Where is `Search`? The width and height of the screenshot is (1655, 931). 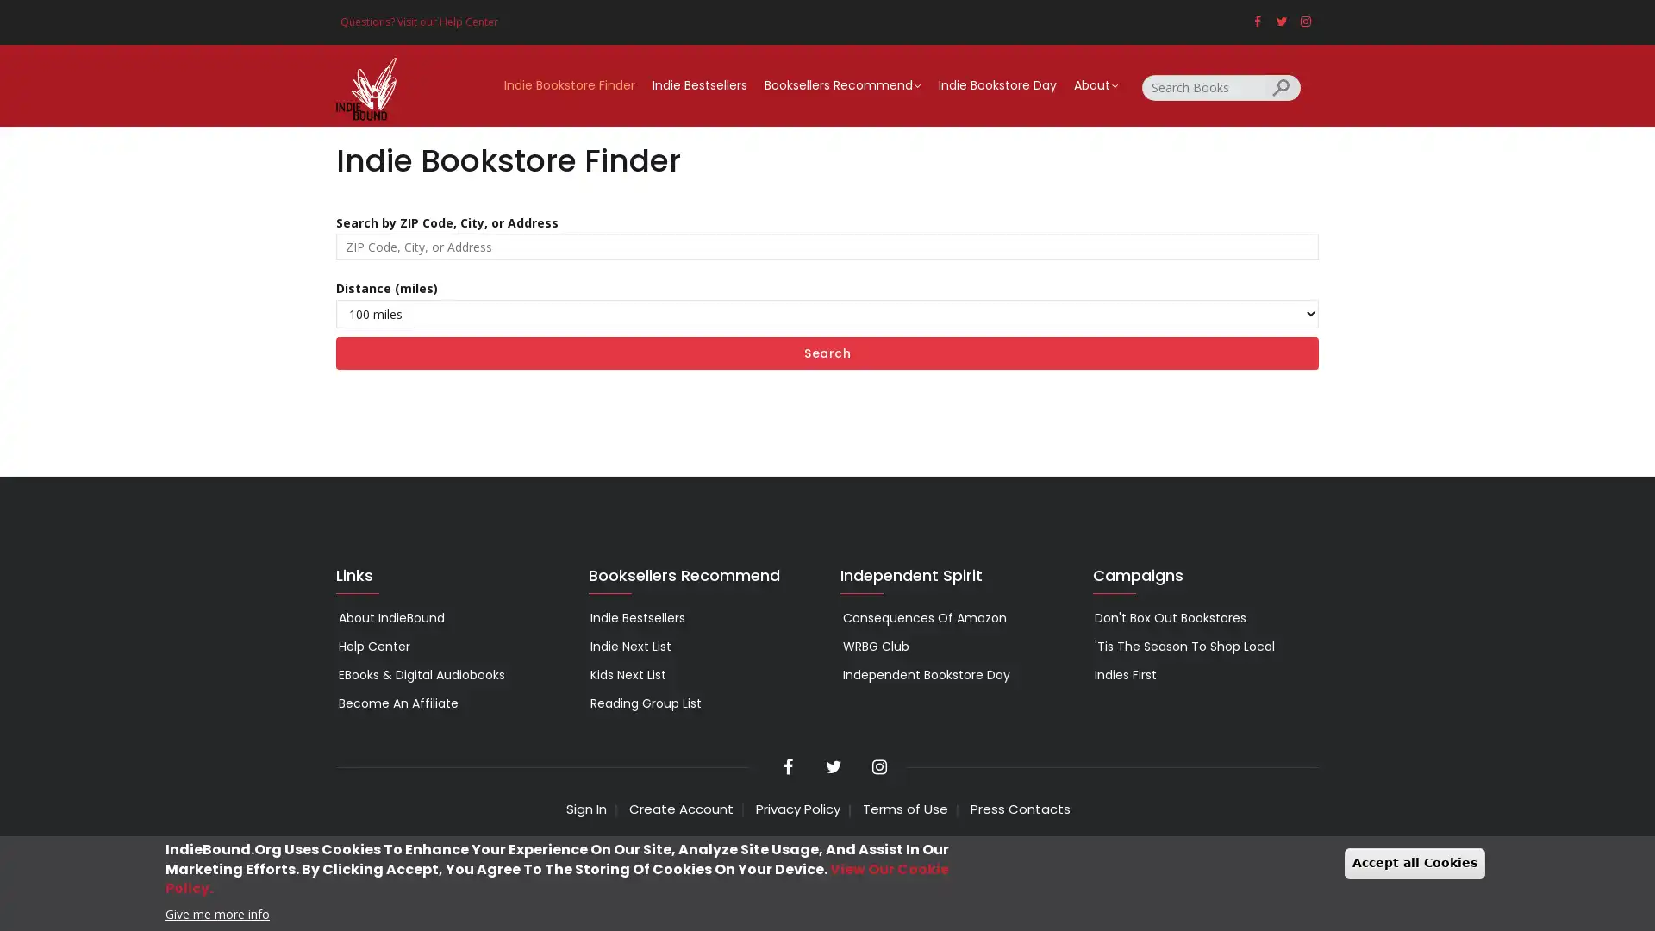 Search is located at coordinates (1283, 86).